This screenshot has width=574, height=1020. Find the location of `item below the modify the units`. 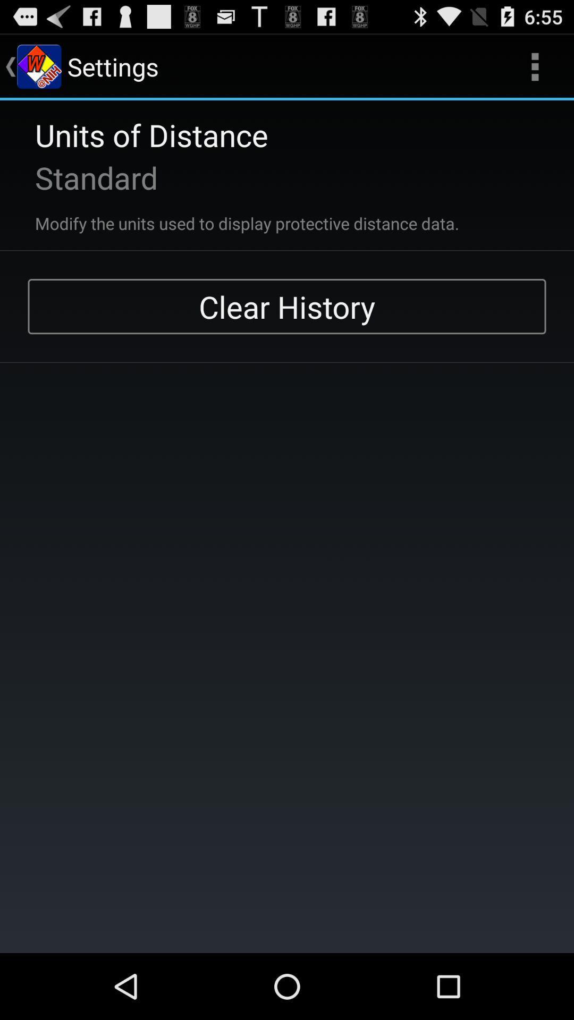

item below the modify the units is located at coordinates (287, 306).